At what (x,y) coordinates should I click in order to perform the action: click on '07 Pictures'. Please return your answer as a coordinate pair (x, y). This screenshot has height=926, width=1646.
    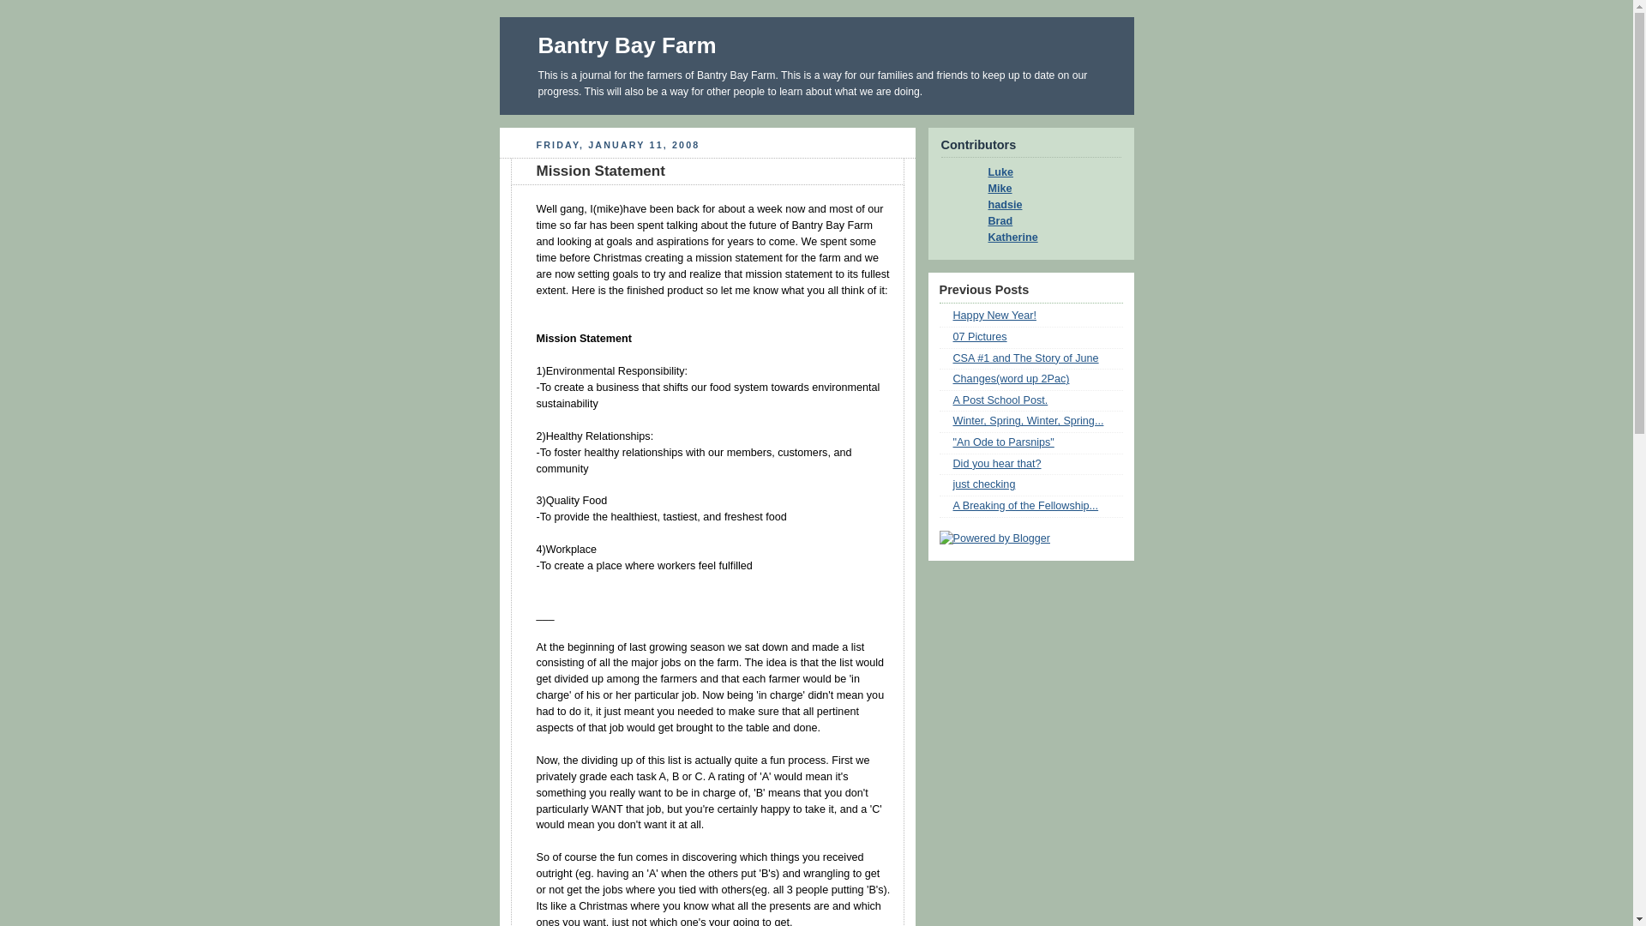
    Looking at the image, I should click on (980, 337).